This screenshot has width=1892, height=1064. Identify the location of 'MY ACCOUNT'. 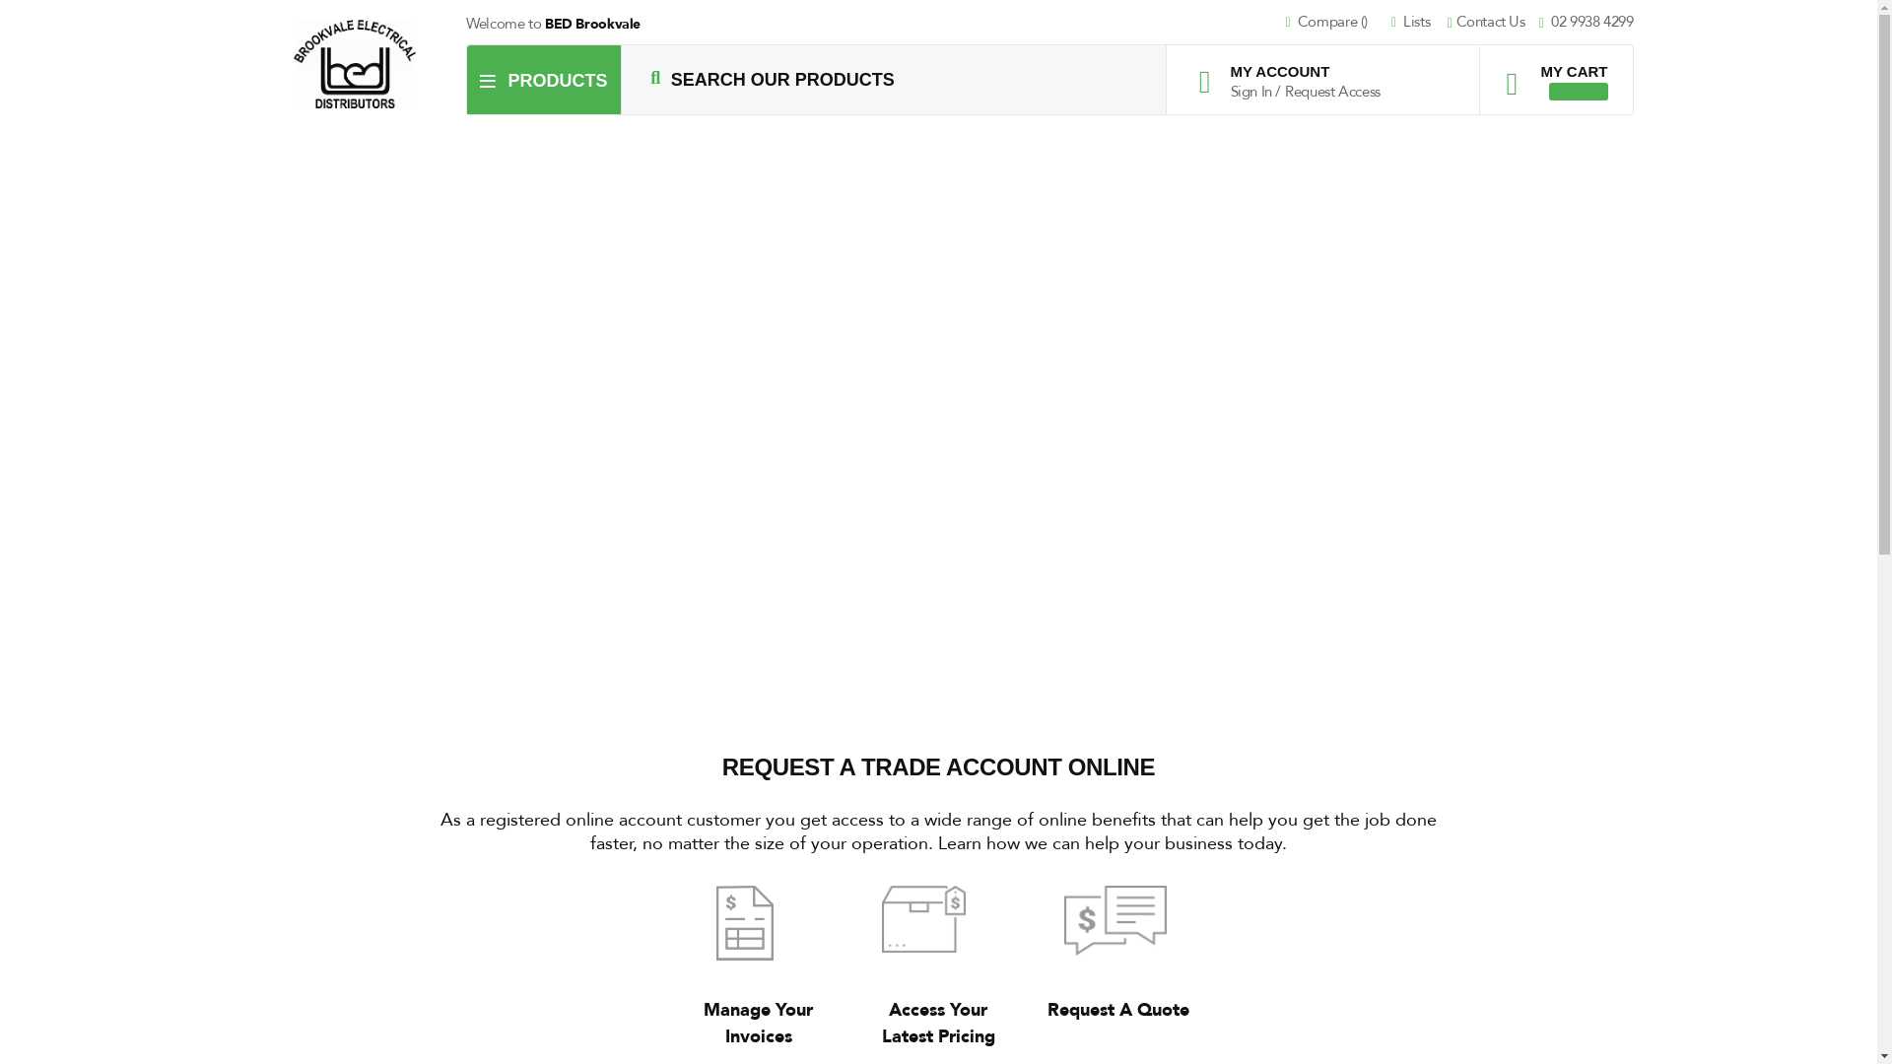
(1294, 70).